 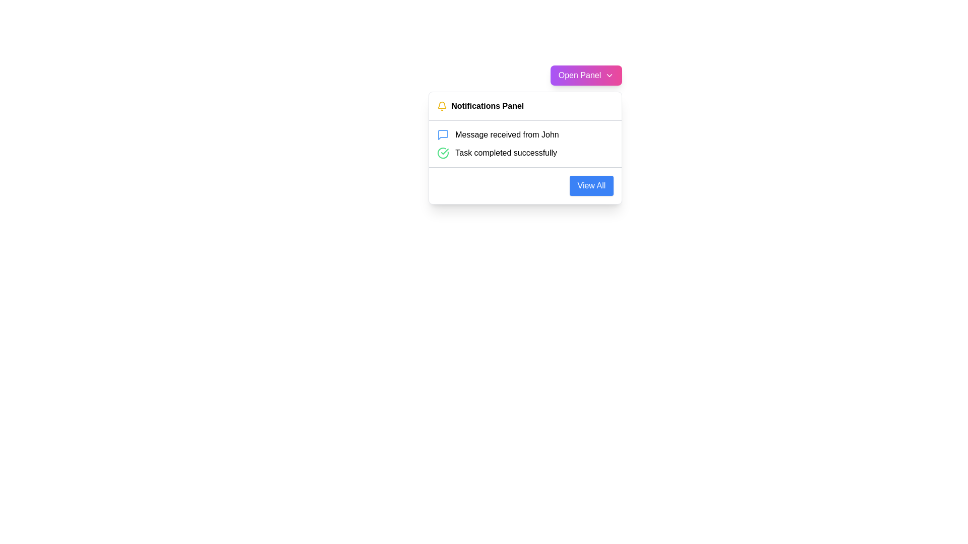 I want to click on the rectangular button with a blue background and 'View All' text, so click(x=591, y=186).